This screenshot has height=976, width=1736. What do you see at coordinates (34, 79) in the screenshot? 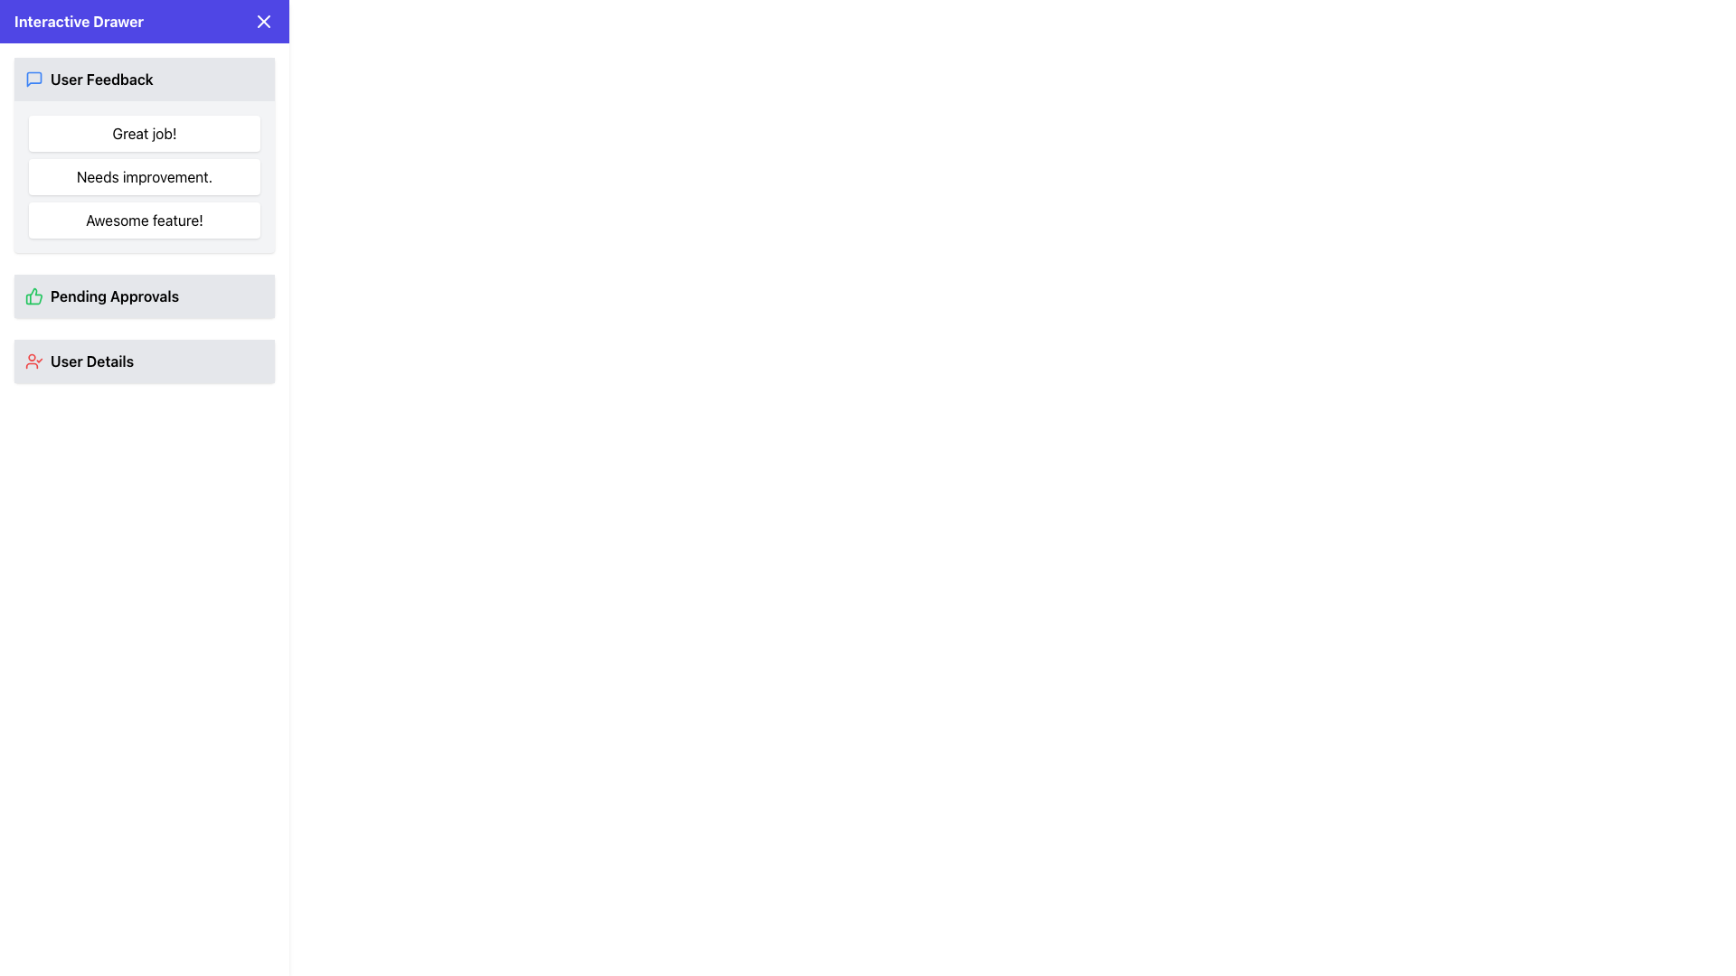
I see `the styling of the speech-balloon icon located to the left of the 'User Feedback' label in the sidebar` at bounding box center [34, 79].